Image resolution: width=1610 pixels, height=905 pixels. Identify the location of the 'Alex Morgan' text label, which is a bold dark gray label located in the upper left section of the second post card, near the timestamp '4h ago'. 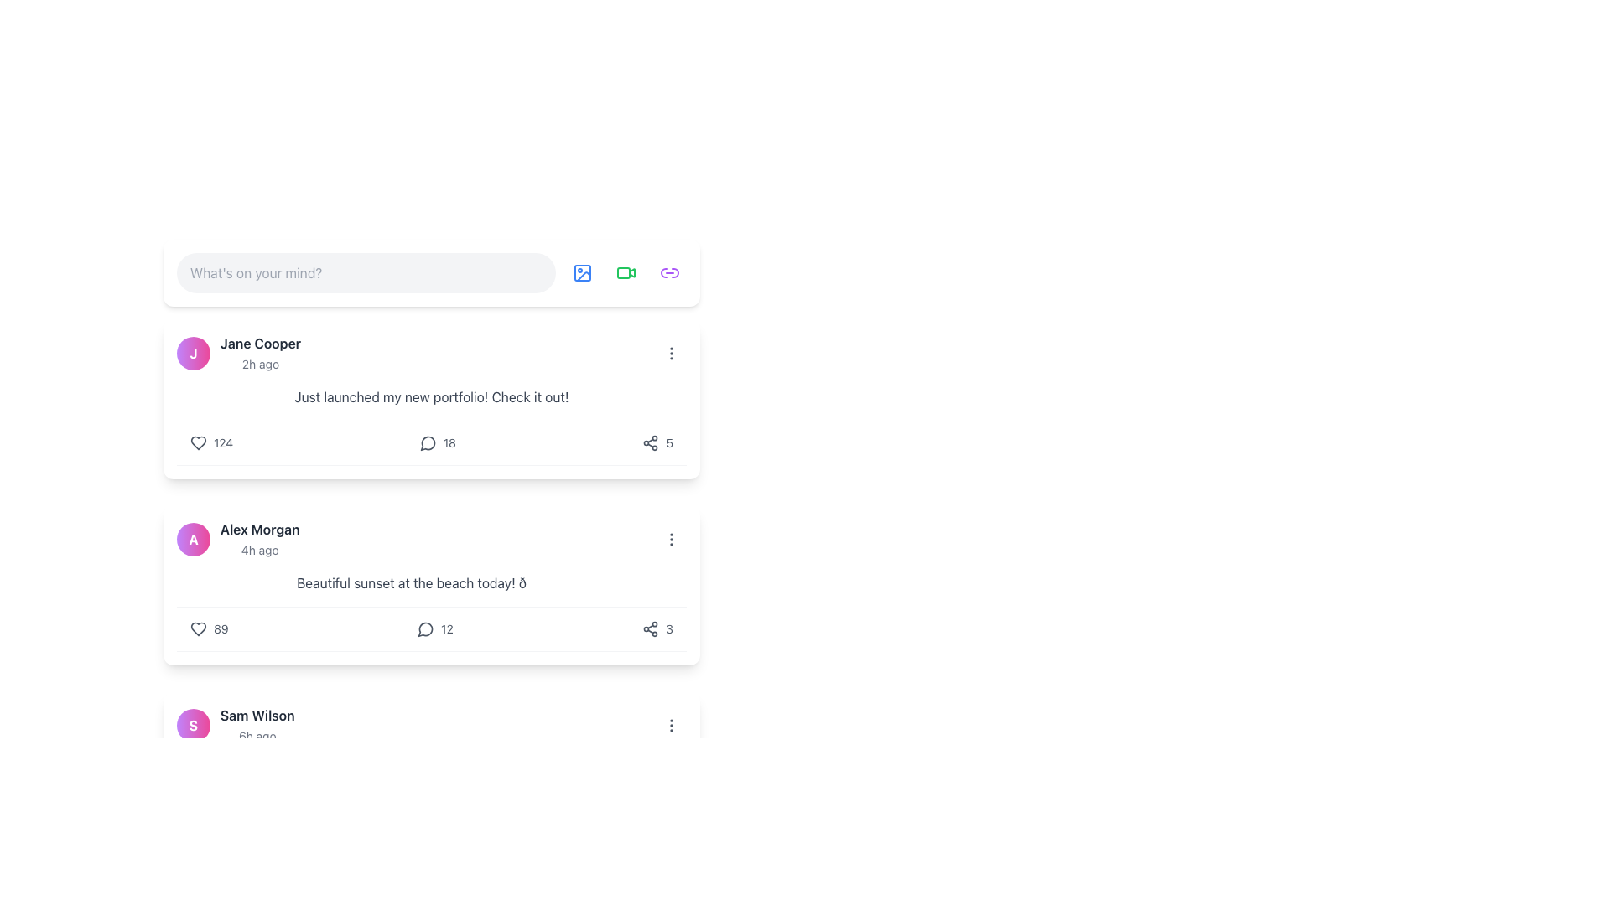
(259, 530).